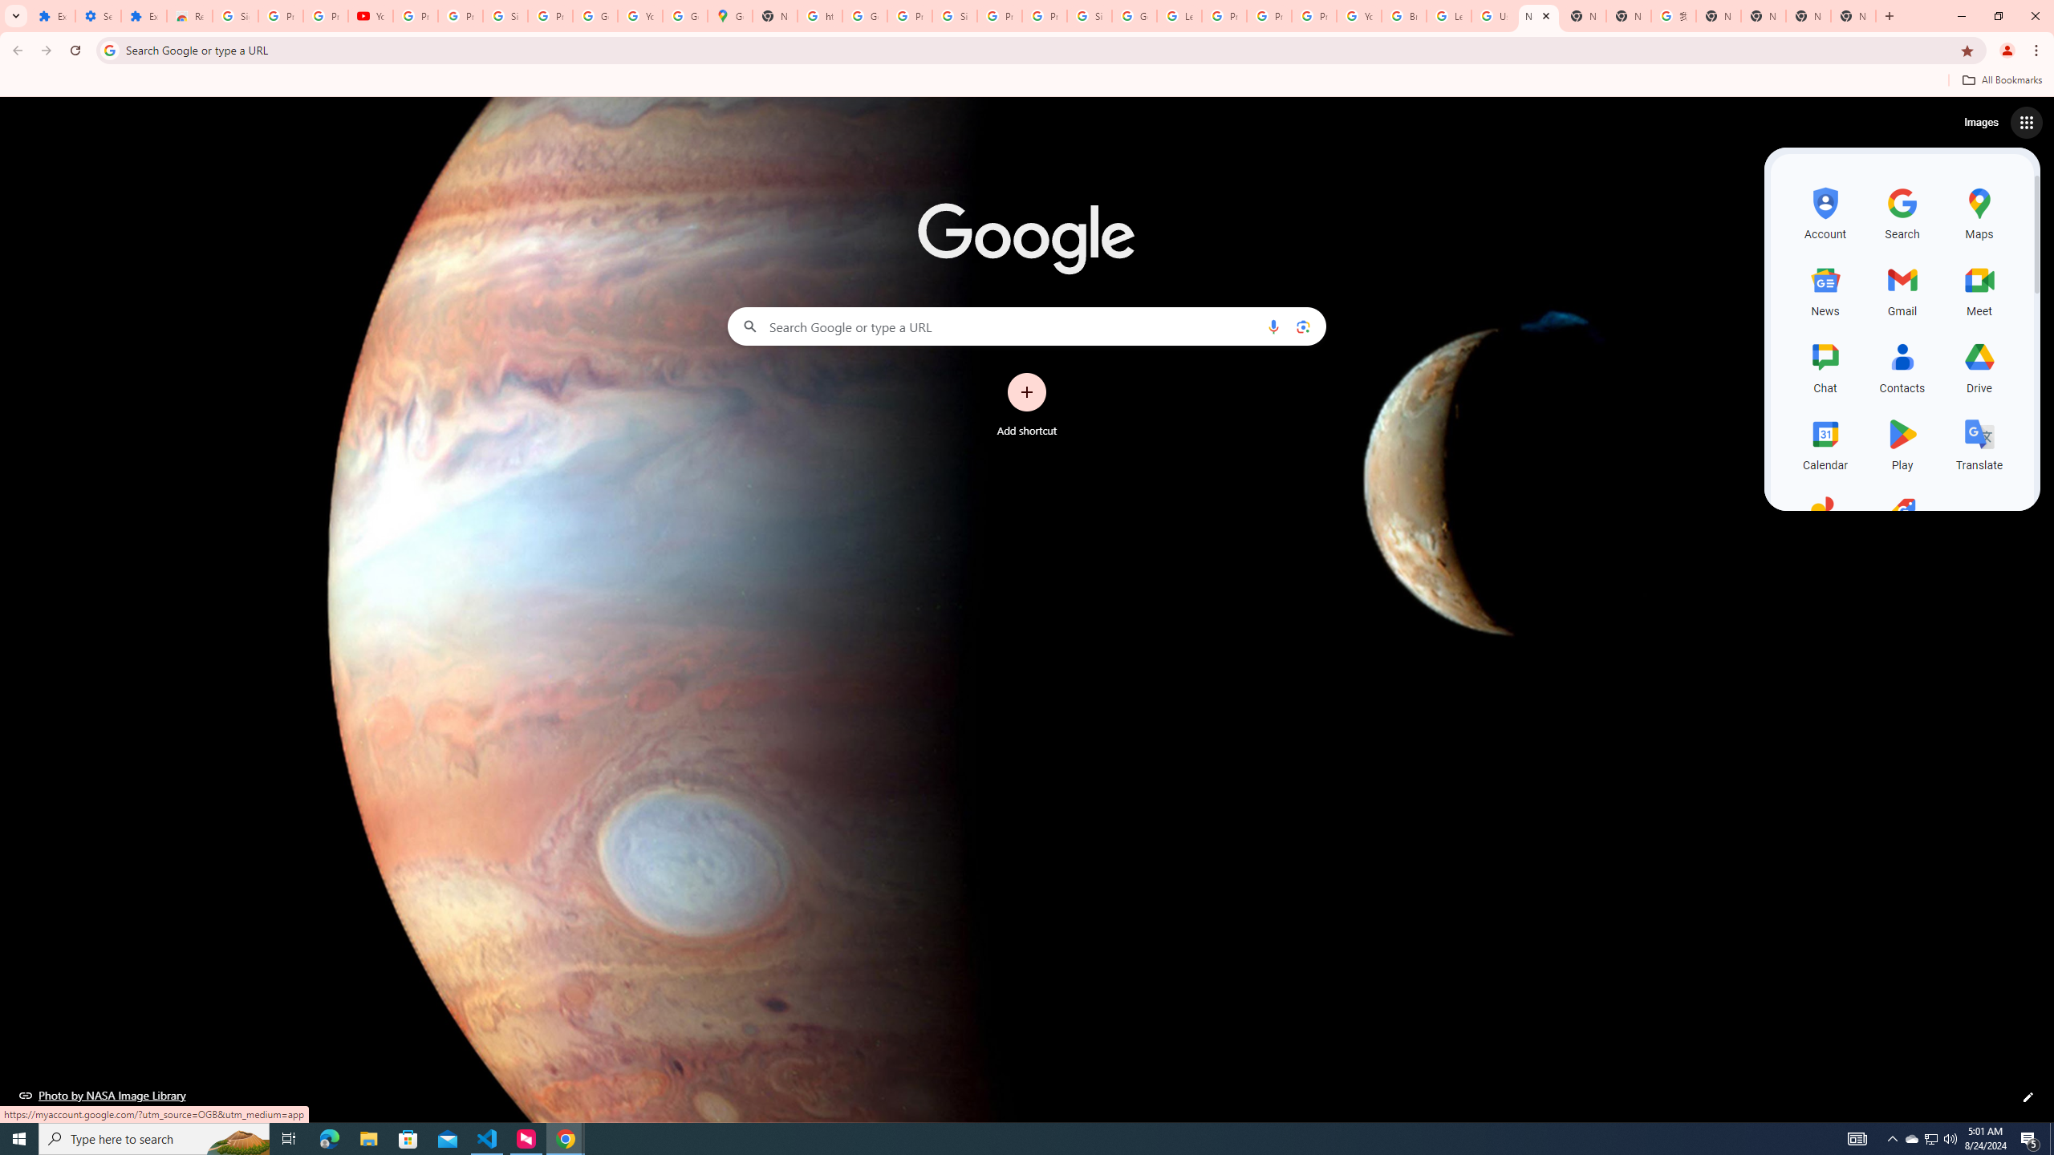 The width and height of the screenshot is (2054, 1155). Describe the element at coordinates (189, 15) in the screenshot. I see `'Reviews: Helix Fruit Jump Arcade Game'` at that location.